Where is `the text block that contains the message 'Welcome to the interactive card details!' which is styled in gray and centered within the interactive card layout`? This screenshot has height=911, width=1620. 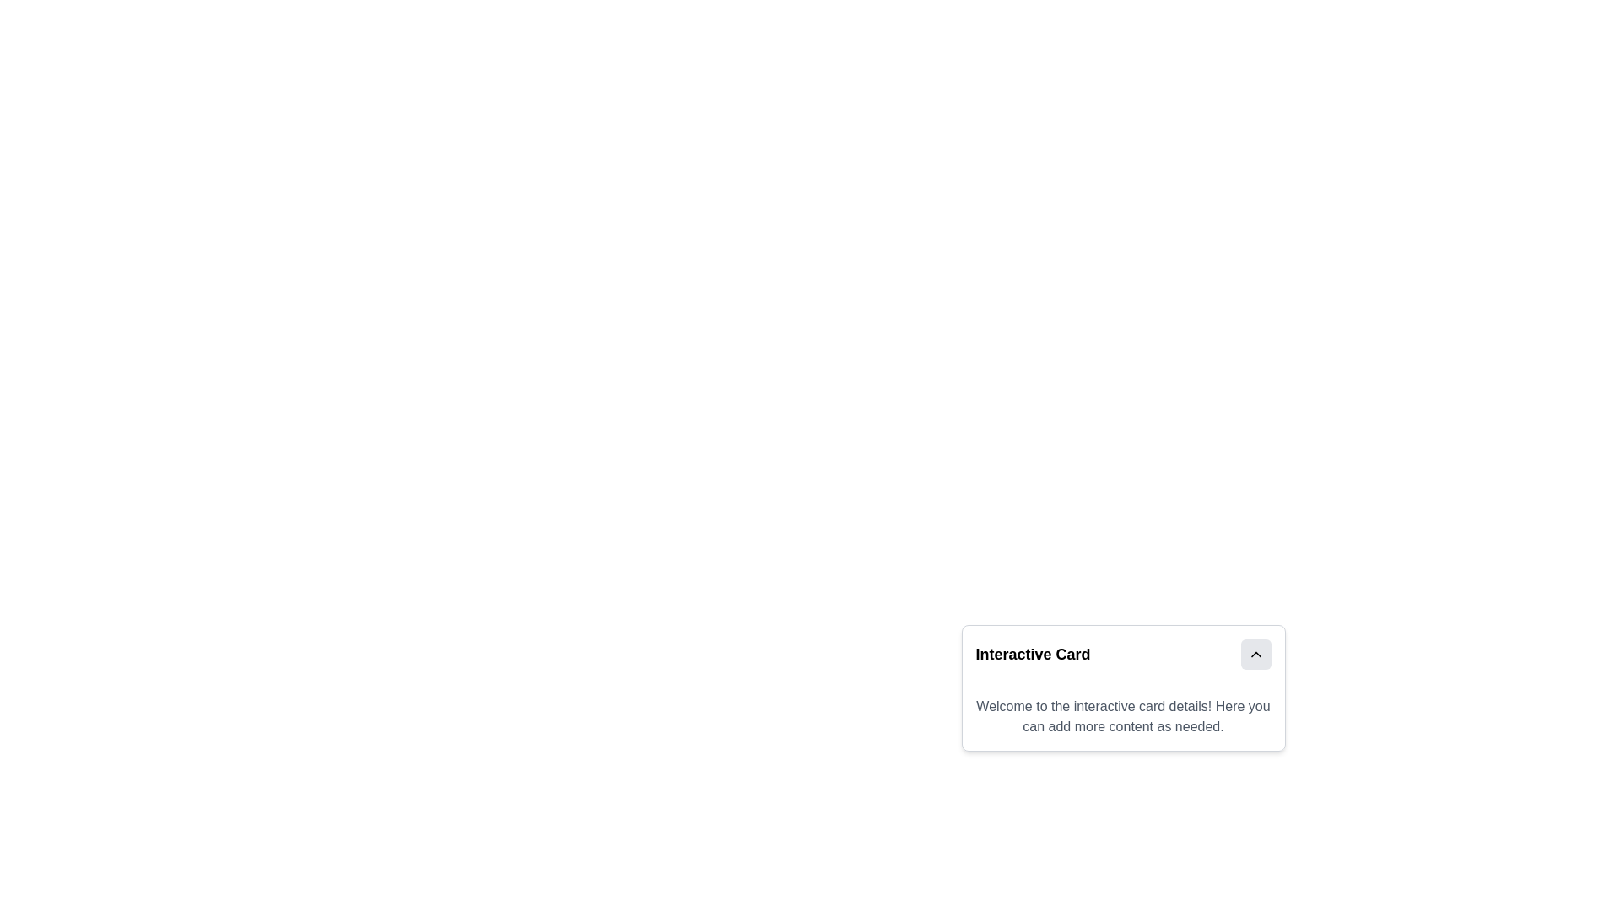
the text block that contains the message 'Welcome to the interactive card details!' which is styled in gray and centered within the interactive card layout is located at coordinates (1123, 716).